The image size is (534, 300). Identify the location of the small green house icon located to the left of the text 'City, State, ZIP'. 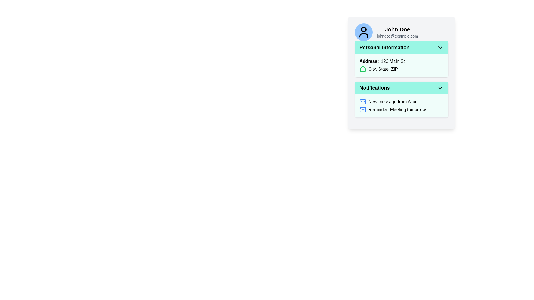
(363, 69).